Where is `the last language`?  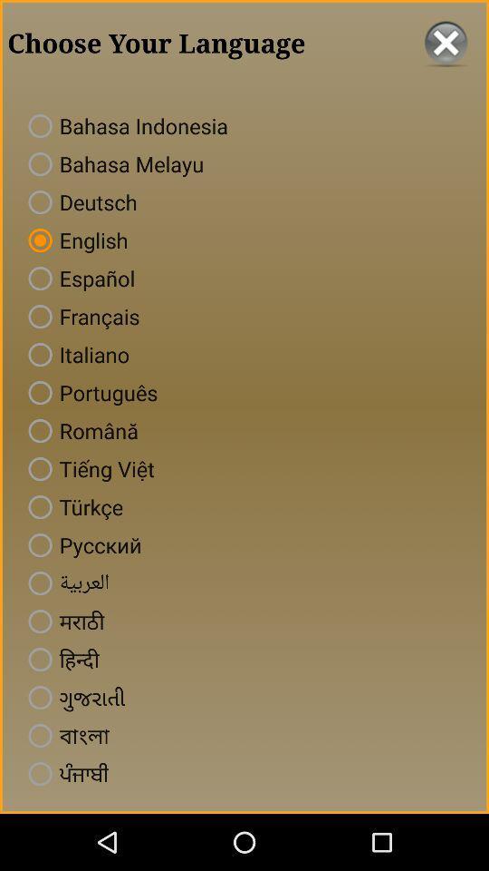
the last language is located at coordinates (63, 772).